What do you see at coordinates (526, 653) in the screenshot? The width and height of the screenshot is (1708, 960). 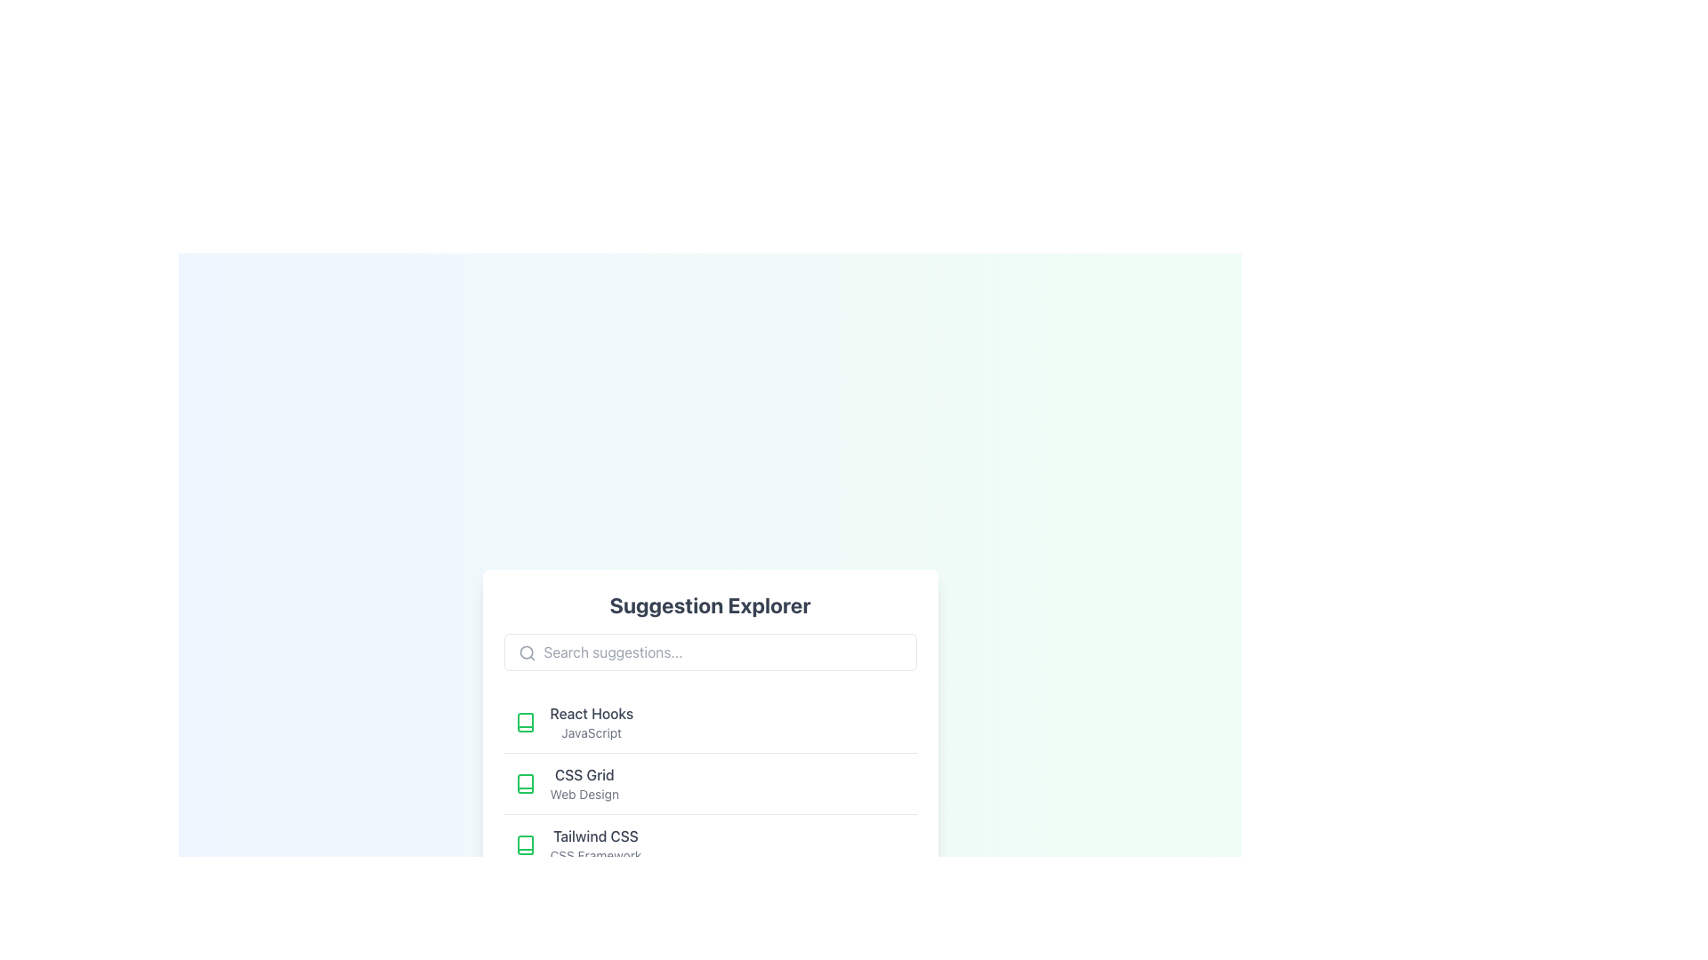 I see `the magnifying-glass-shaped icon located at the top-left corner of the search input field` at bounding box center [526, 653].